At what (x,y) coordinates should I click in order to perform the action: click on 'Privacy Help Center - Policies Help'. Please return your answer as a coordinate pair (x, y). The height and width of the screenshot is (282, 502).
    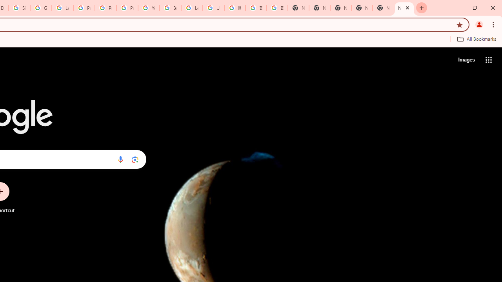
    Looking at the image, I should click on (105, 8).